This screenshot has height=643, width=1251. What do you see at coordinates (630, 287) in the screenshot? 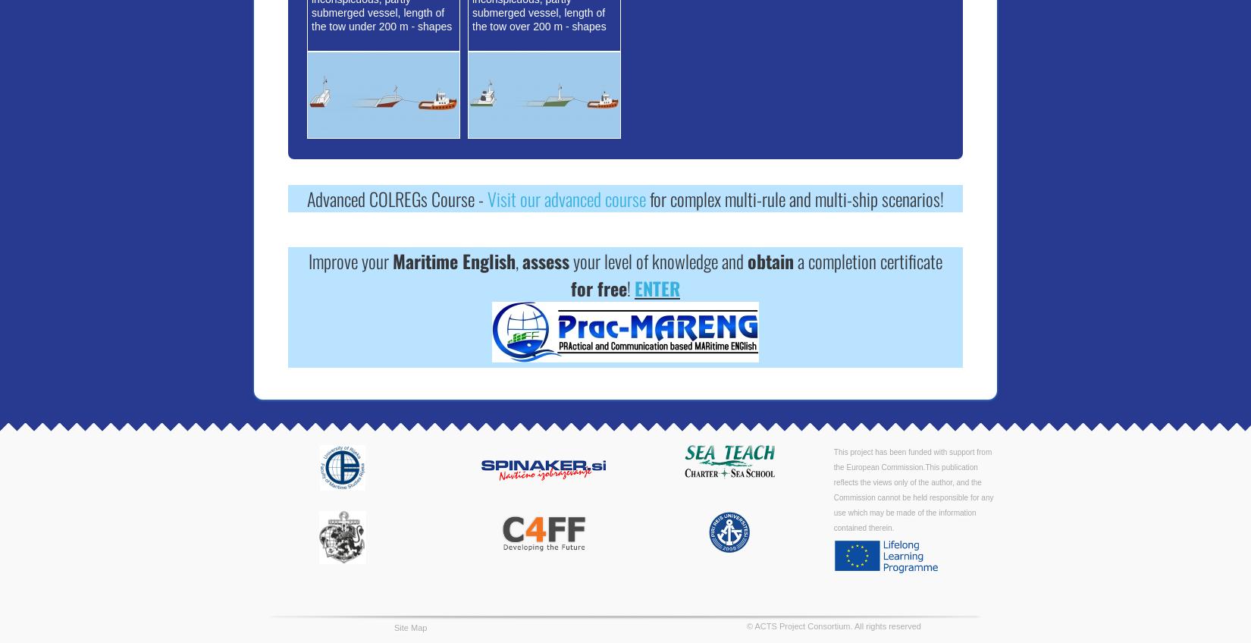
I see `'!'` at bounding box center [630, 287].